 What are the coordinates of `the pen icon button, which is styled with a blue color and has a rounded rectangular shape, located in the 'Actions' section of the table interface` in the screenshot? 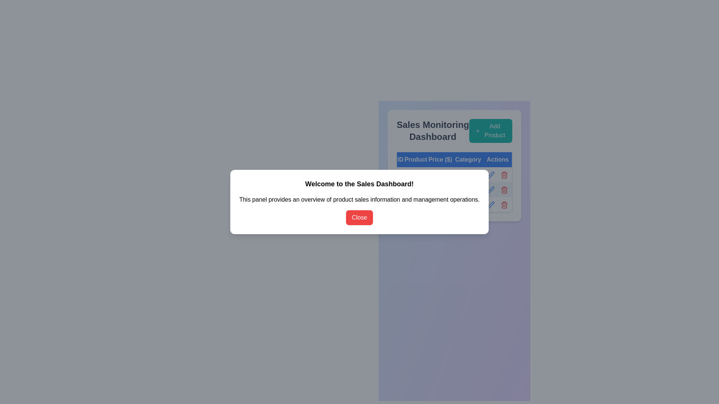 It's located at (491, 189).